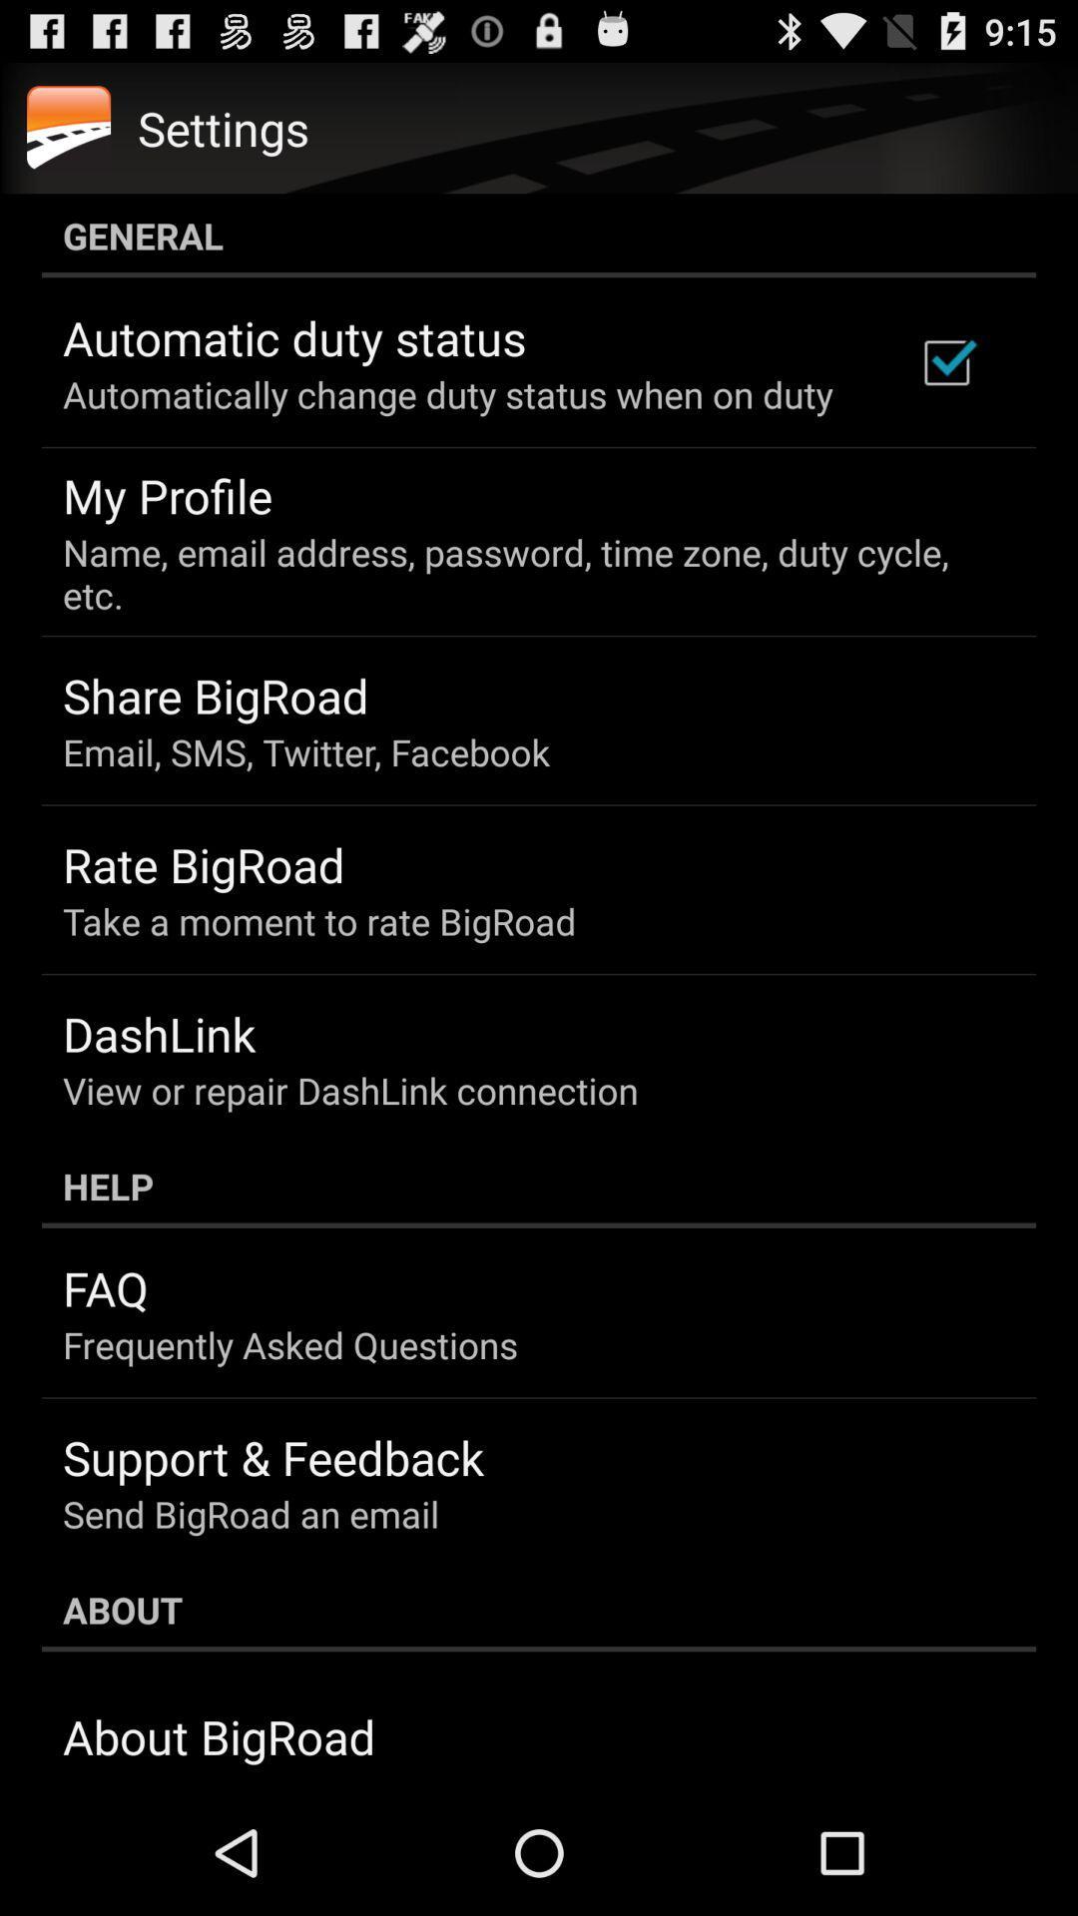  Describe the element at coordinates (349, 1089) in the screenshot. I see `the icon above help item` at that location.